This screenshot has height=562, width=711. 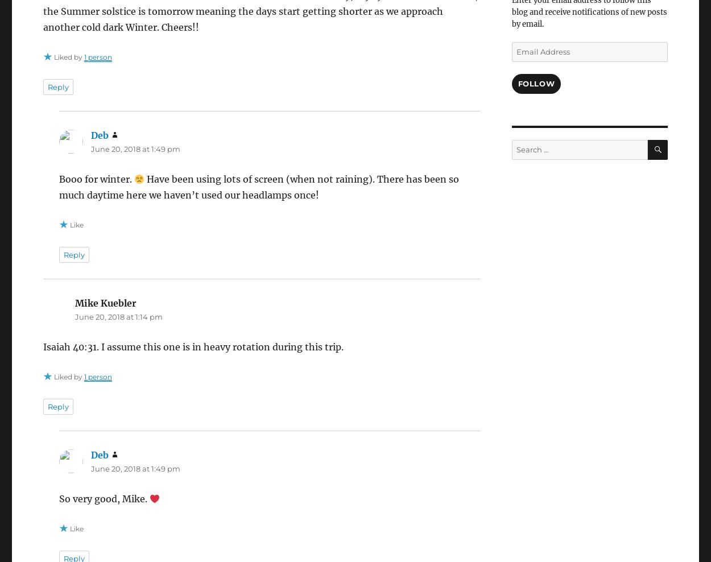 What do you see at coordinates (118, 316) in the screenshot?
I see `'June 20, 2018 at 1:14 pm'` at bounding box center [118, 316].